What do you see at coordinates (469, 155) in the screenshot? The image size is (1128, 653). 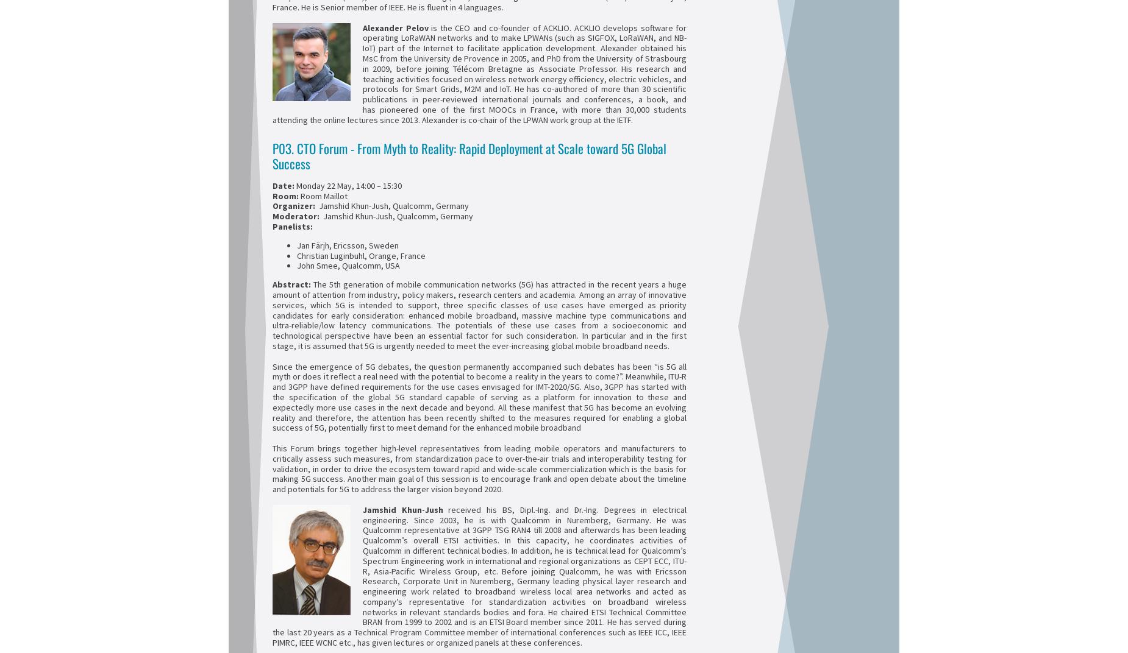 I see `'P03. CTO Forum - From Myth to Reality: Rapid Deployment at Scale toward 5G Global Success'` at bounding box center [469, 155].